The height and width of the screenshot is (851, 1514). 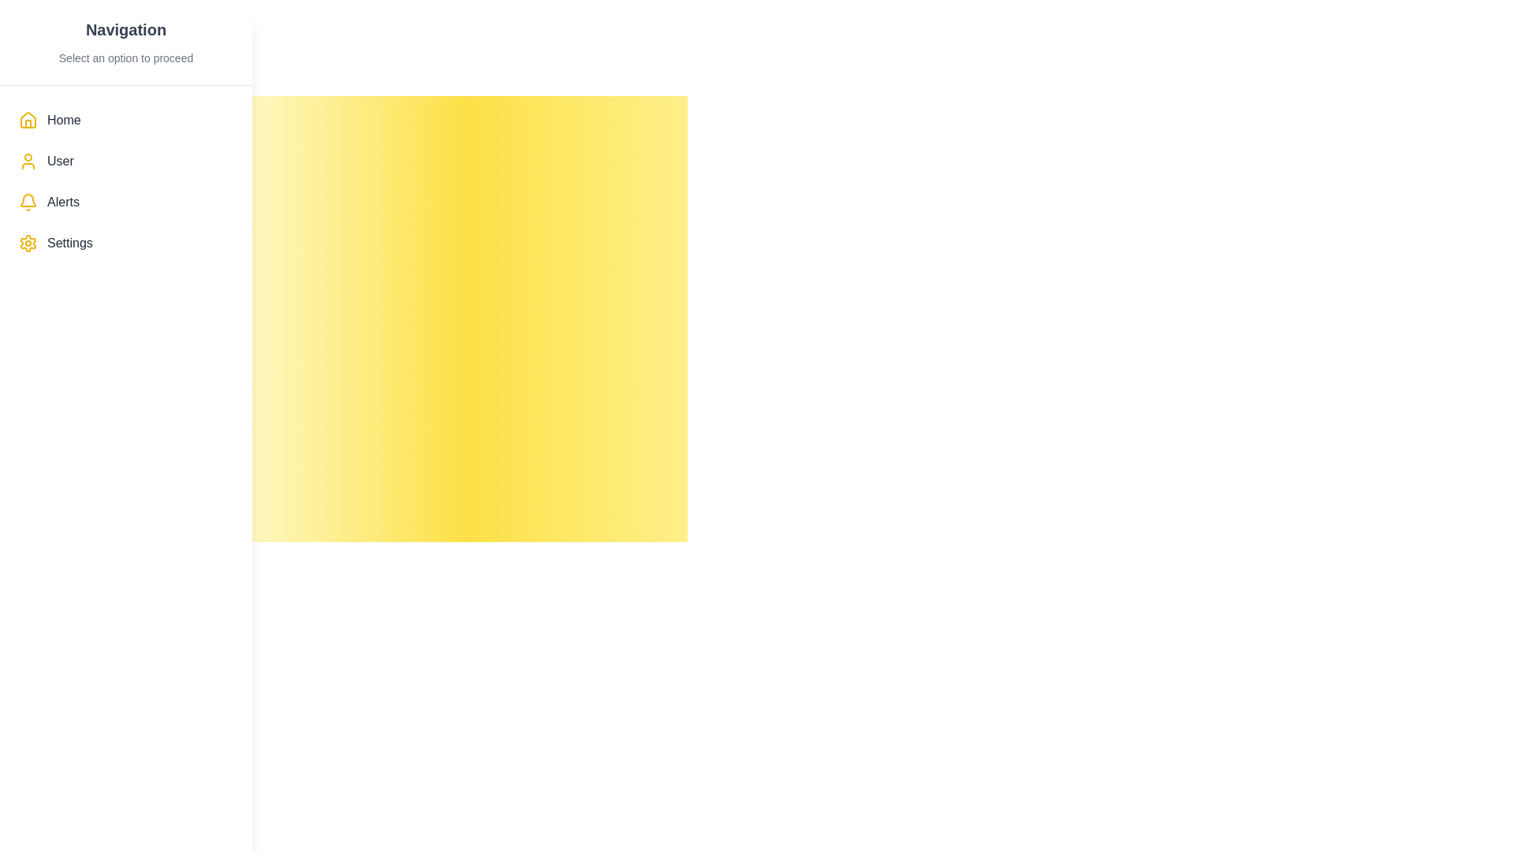 I want to click on the bell icon with a yellow outline located to the left of the 'Alerts' text in the navigation menu, so click(x=28, y=202).